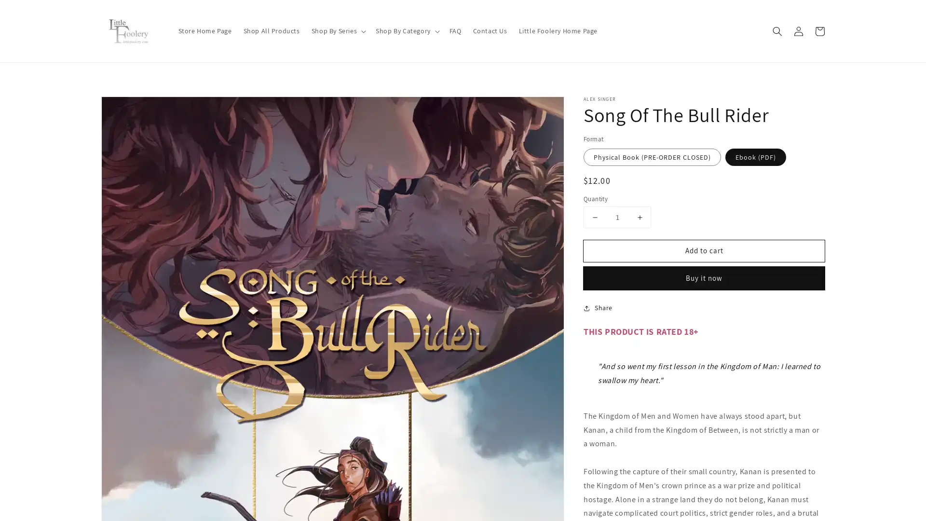 The image size is (926, 521). What do you see at coordinates (597, 308) in the screenshot?
I see `Share` at bounding box center [597, 308].